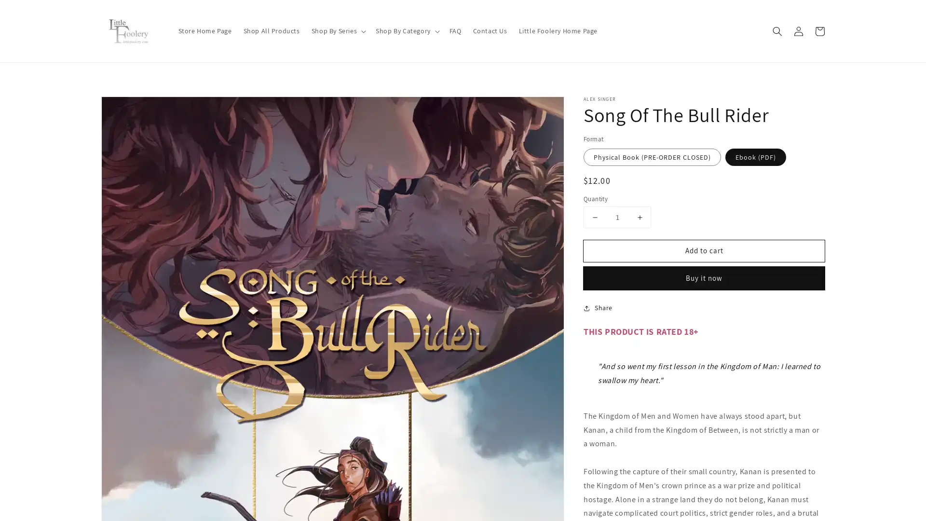 The image size is (926, 521). What do you see at coordinates (597, 308) in the screenshot?
I see `Share` at bounding box center [597, 308].